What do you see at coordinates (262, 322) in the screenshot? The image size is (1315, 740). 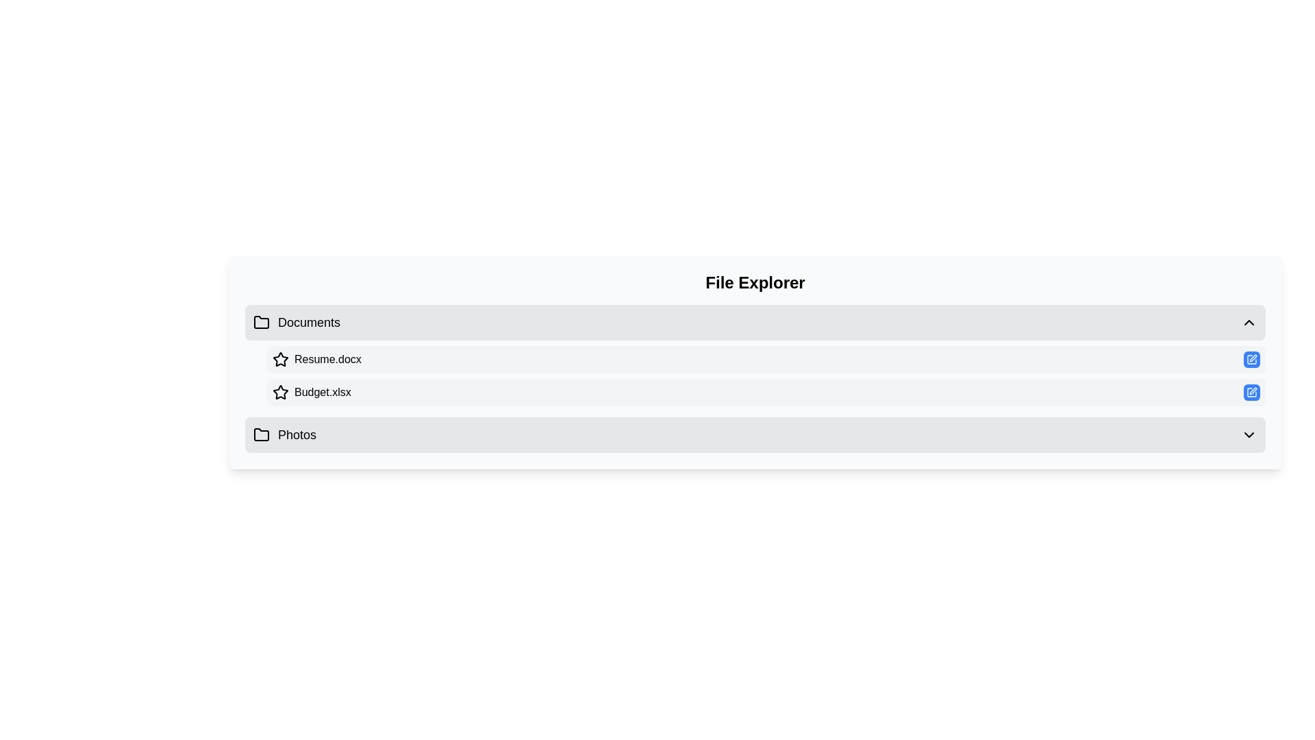 I see `the small folder icon located to the left of the 'Documents' text label, which serves as a visual indicator for the folder item` at bounding box center [262, 322].